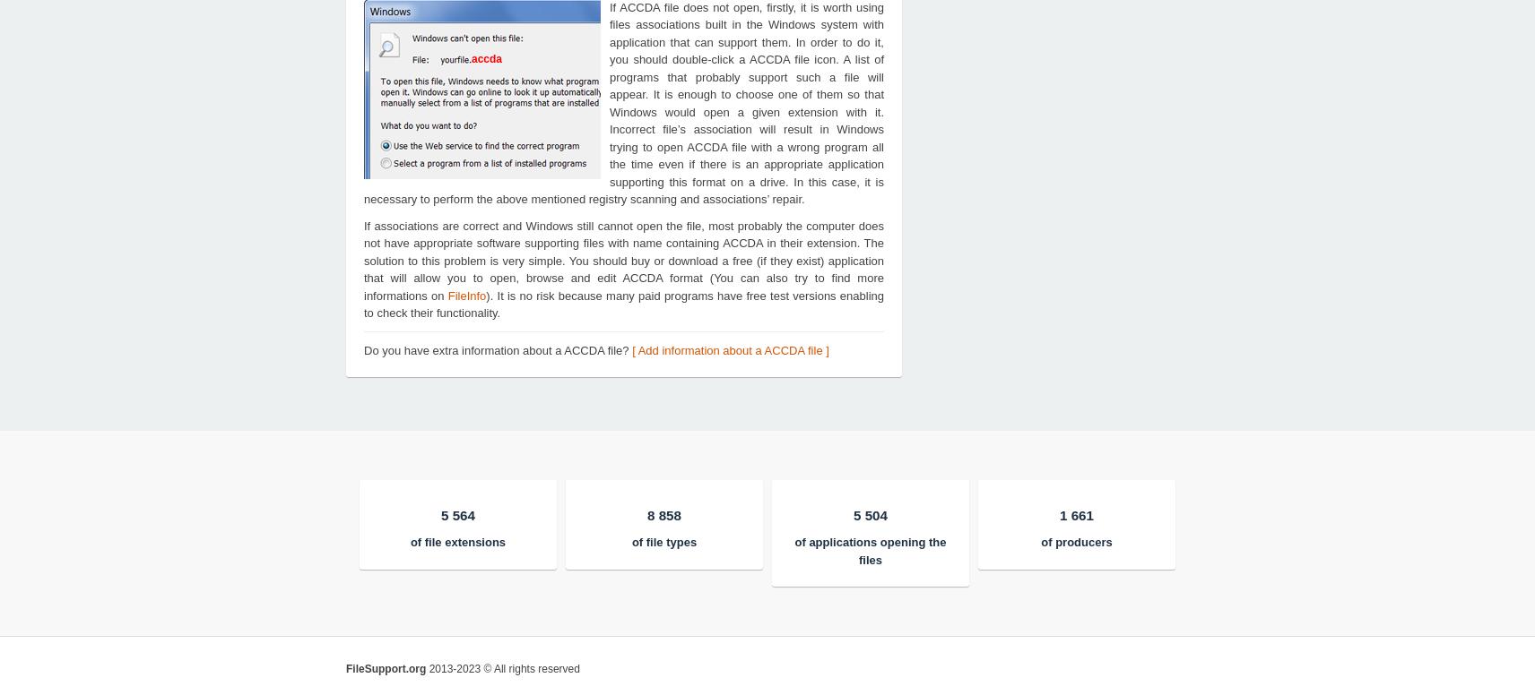 The width and height of the screenshot is (1535, 695). I want to click on 'of producers', so click(1041, 542).